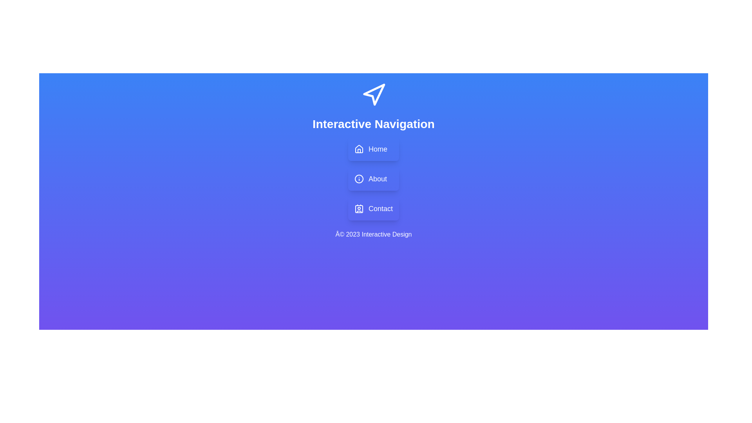 Image resolution: width=752 pixels, height=423 pixels. Describe the element at coordinates (373, 95) in the screenshot. I see `the white navigation arrow symbol located at the center of the interface, above the text 'Interactive Navigation'` at that location.